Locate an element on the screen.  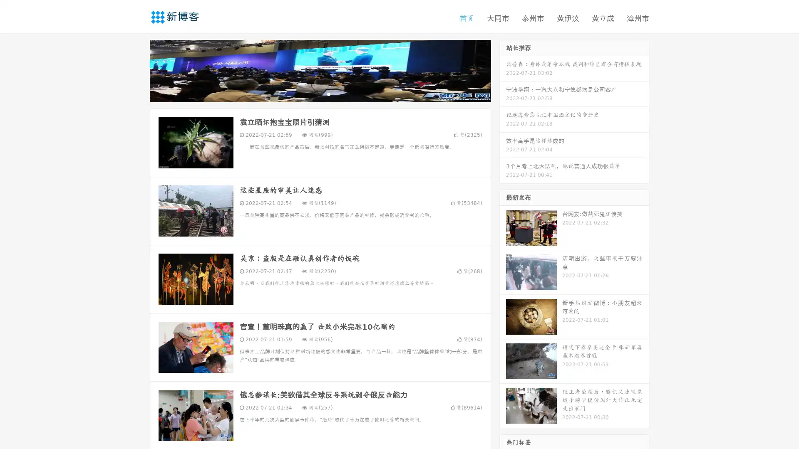
Previous slide is located at coordinates (137, 70).